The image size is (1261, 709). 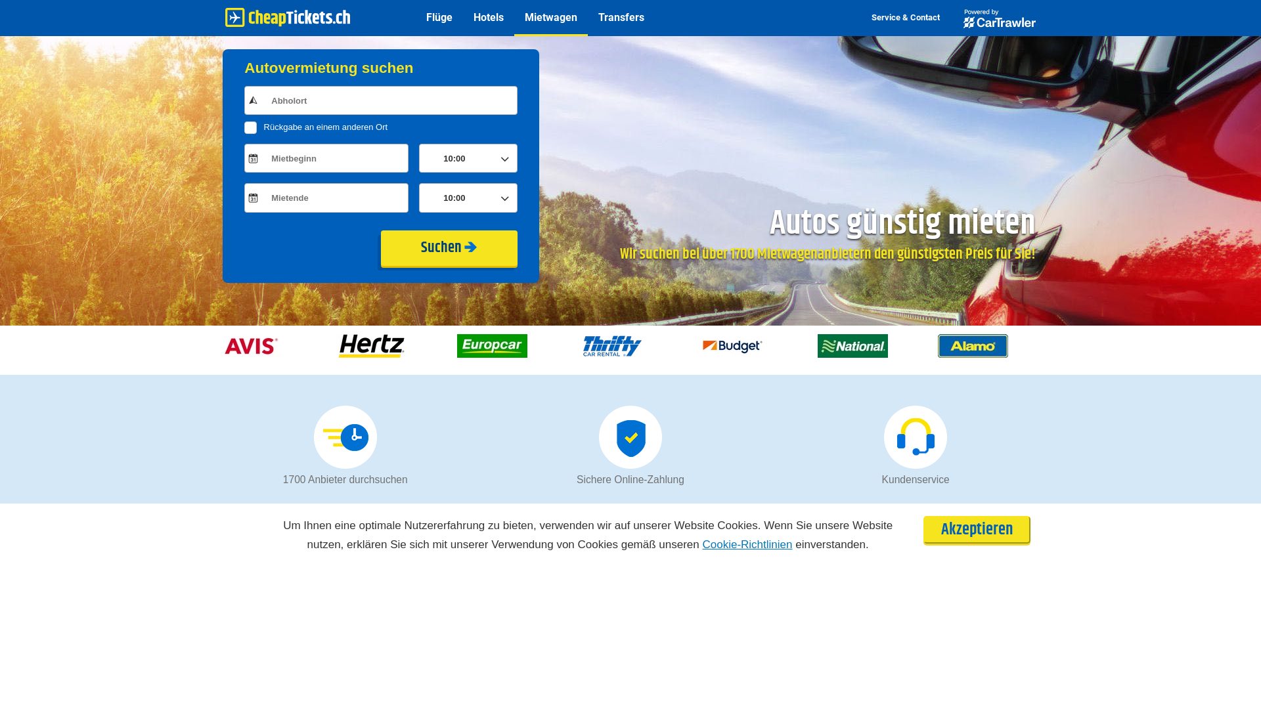 I want to click on 'Cookie-Richtlinien', so click(x=747, y=544).